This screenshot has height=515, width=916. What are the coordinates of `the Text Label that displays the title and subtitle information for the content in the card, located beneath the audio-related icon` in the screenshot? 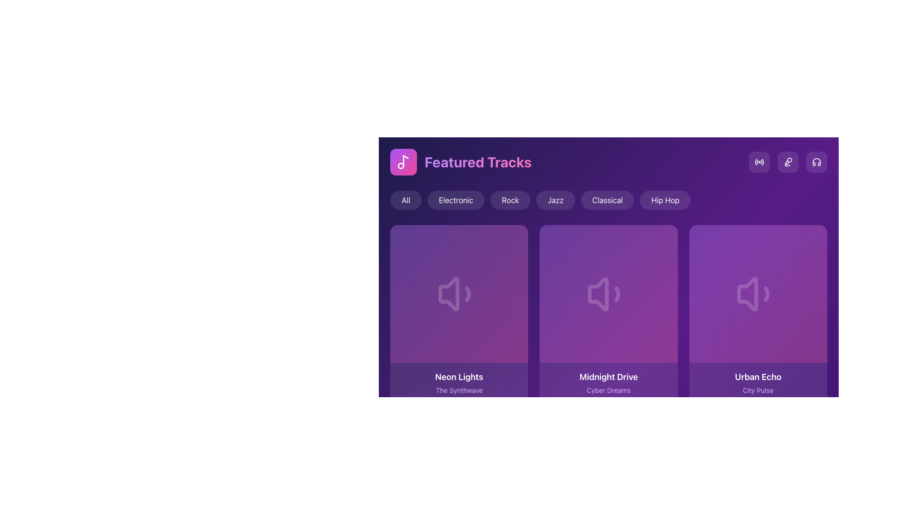 It's located at (758, 391).